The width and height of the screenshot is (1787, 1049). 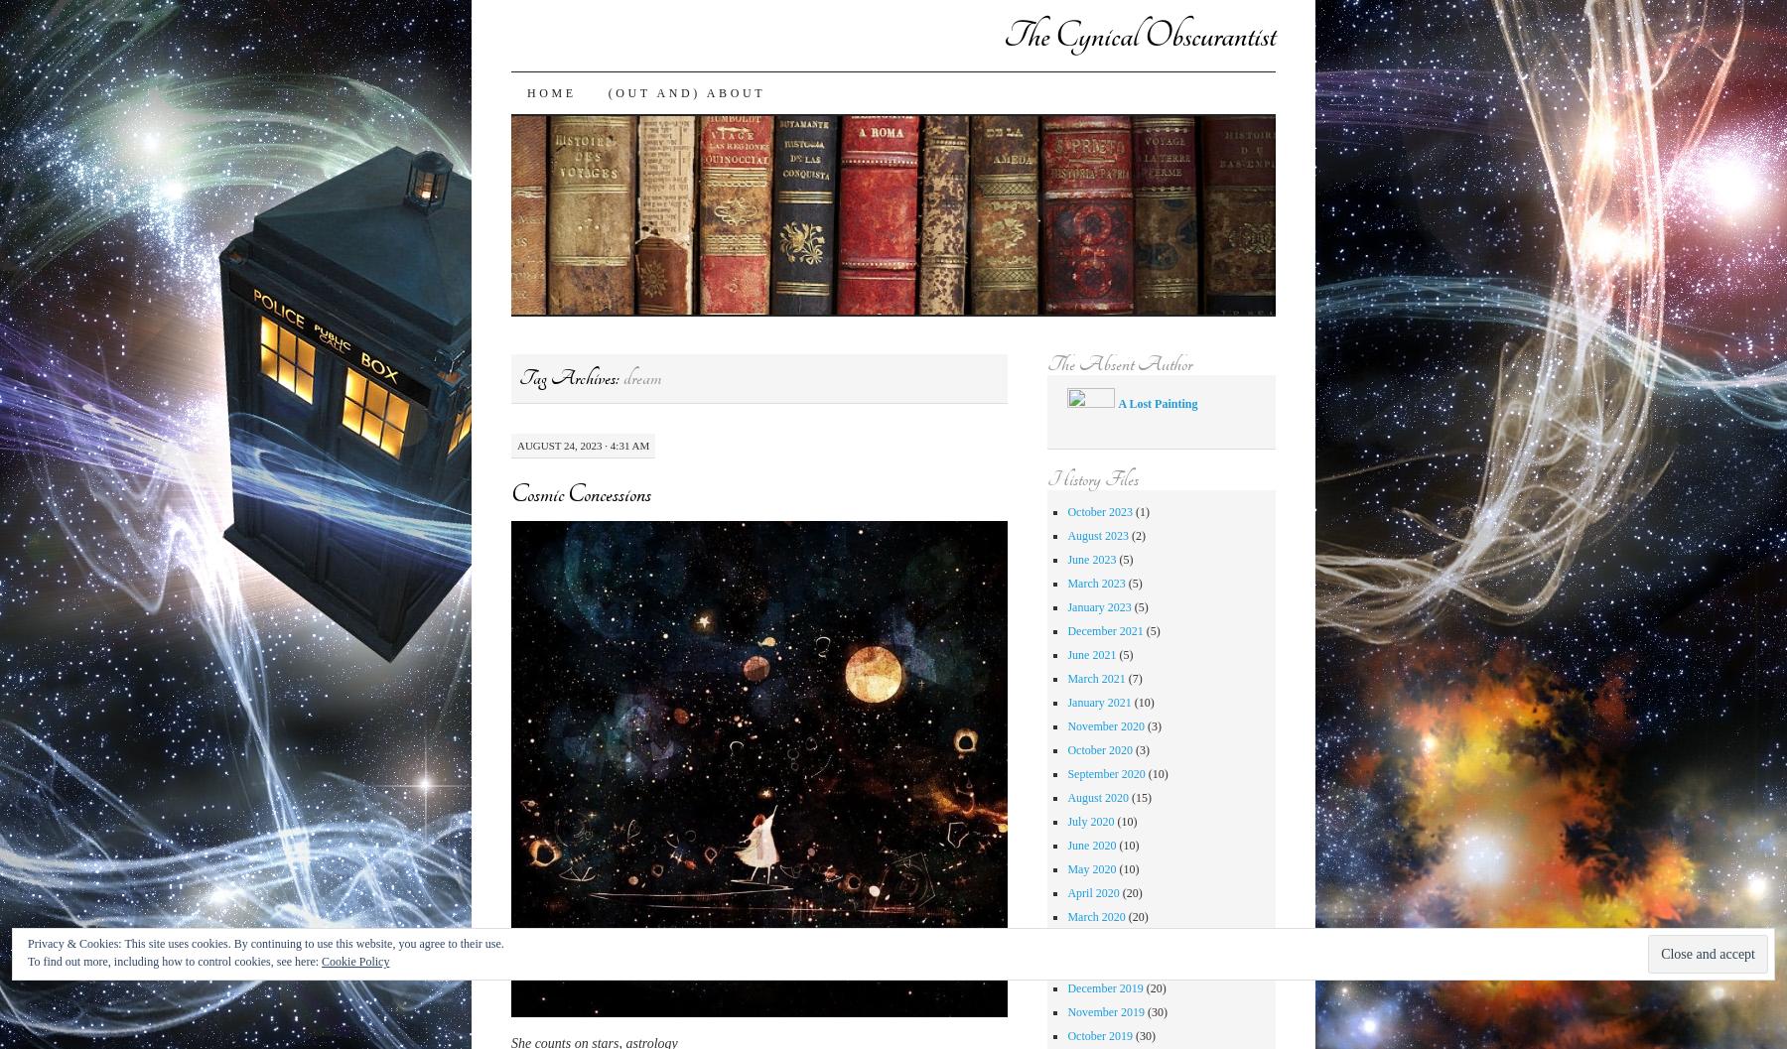 I want to click on 'The Absent Author', so click(x=1119, y=363).